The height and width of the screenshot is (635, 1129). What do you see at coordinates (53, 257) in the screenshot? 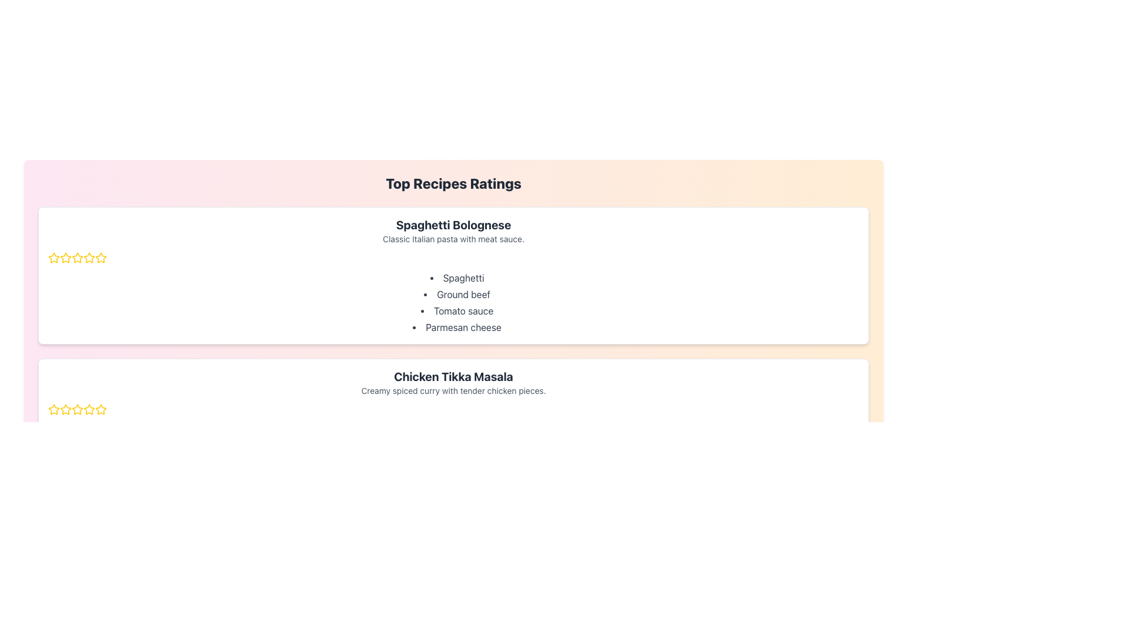
I see `the first star icon from the left in the rating section of the 'Spaghetti Bolognese' recipe card` at bounding box center [53, 257].